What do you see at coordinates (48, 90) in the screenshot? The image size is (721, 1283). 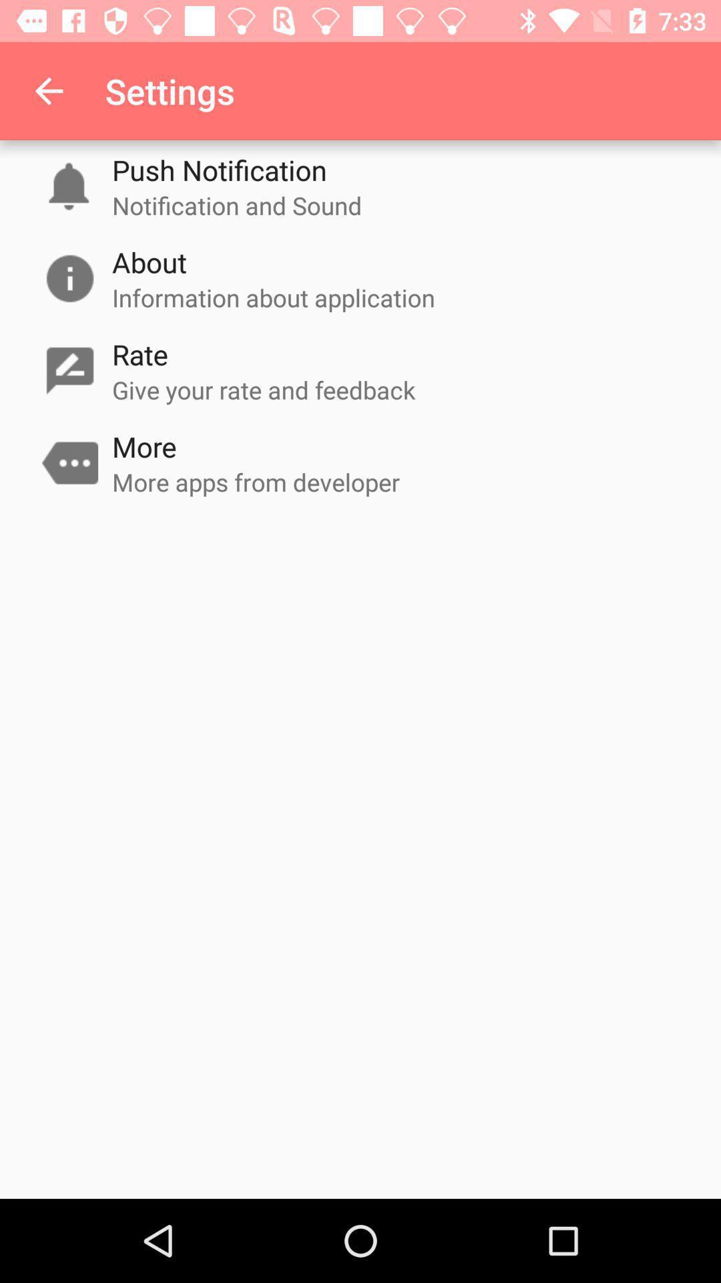 I see `the item next to the settings app` at bounding box center [48, 90].